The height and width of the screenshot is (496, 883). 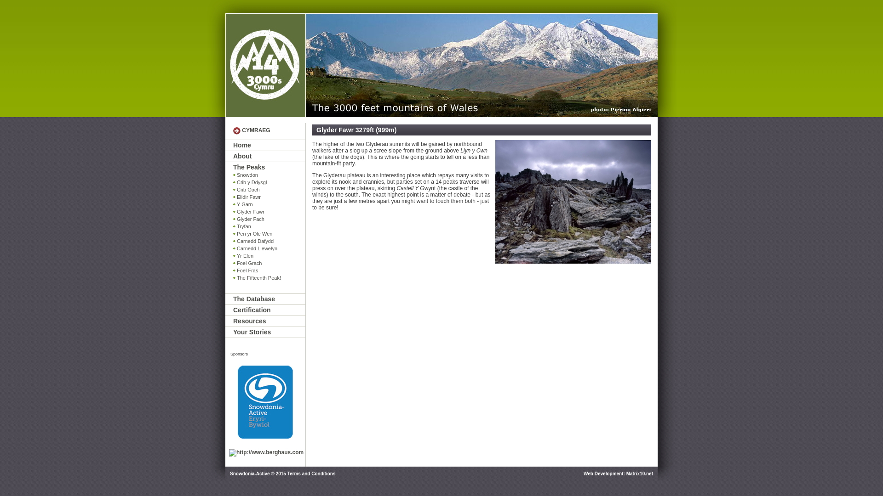 What do you see at coordinates (233, 332) in the screenshot?
I see `'Your Stories'` at bounding box center [233, 332].